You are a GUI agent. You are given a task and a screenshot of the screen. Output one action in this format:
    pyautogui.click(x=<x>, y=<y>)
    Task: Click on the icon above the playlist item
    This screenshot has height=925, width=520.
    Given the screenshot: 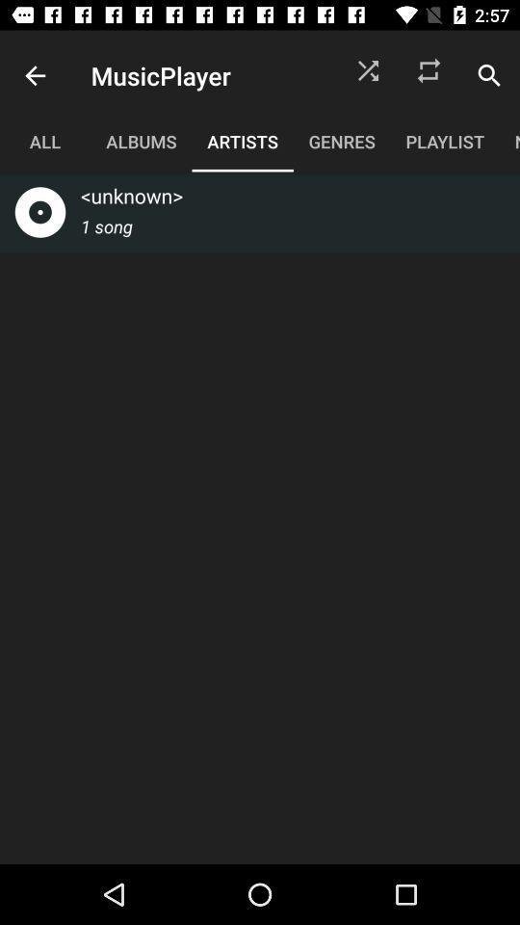 What is the action you would take?
    pyautogui.click(x=429, y=75)
    